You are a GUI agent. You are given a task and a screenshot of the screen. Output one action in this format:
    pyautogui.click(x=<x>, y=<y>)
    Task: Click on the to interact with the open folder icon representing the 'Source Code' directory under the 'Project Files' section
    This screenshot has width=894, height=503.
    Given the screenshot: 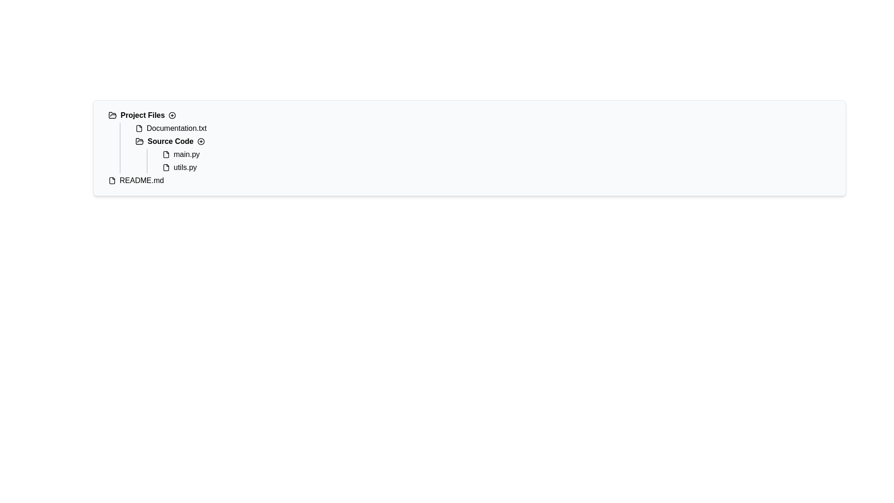 What is the action you would take?
    pyautogui.click(x=139, y=141)
    